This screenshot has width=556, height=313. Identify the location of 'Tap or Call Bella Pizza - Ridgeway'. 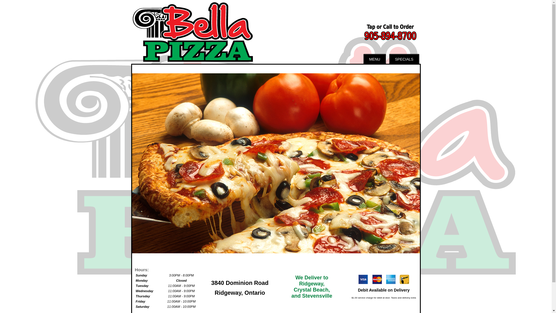
(379, 32).